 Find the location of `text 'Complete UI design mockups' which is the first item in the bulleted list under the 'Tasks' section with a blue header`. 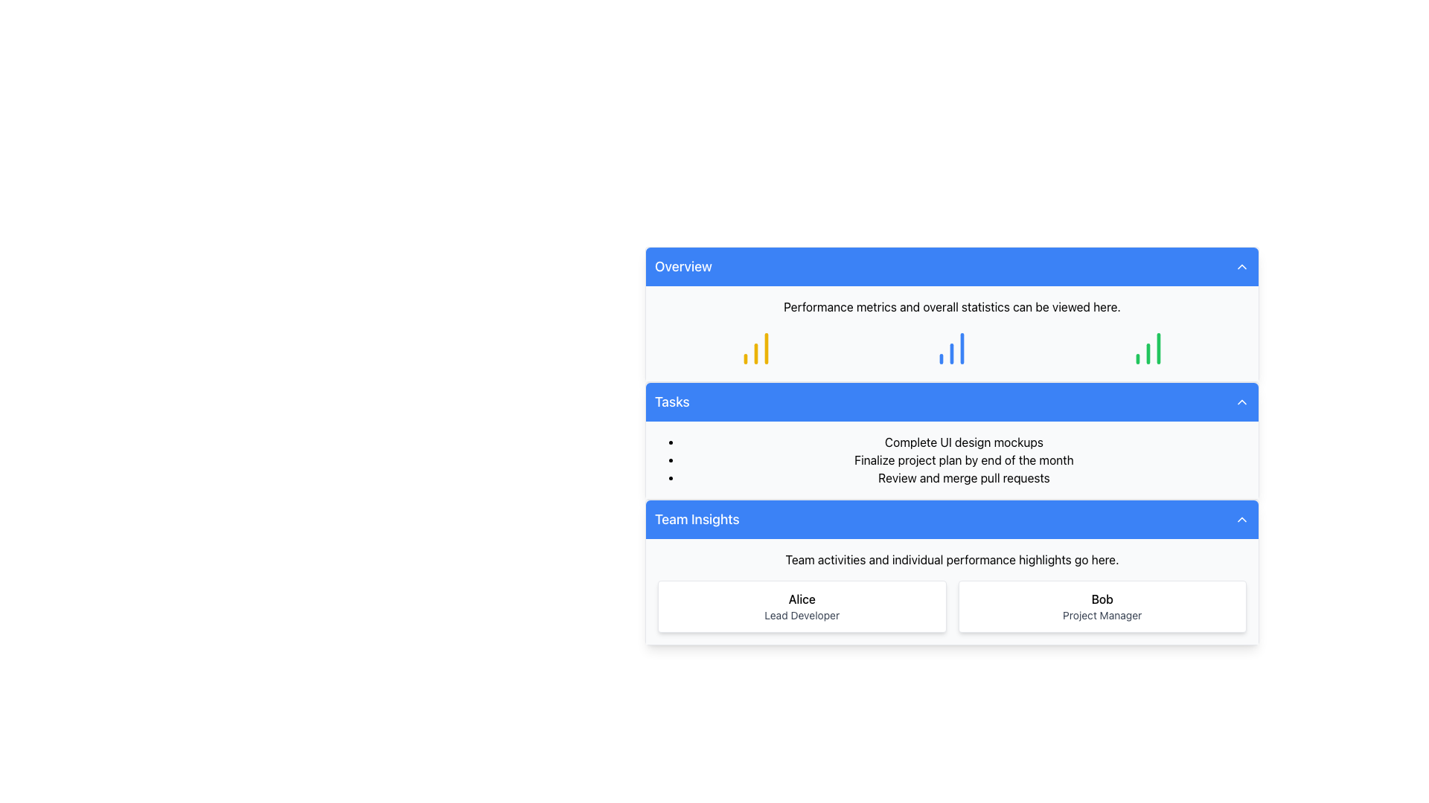

text 'Complete UI design mockups' which is the first item in the bulleted list under the 'Tasks' section with a blue header is located at coordinates (964, 441).